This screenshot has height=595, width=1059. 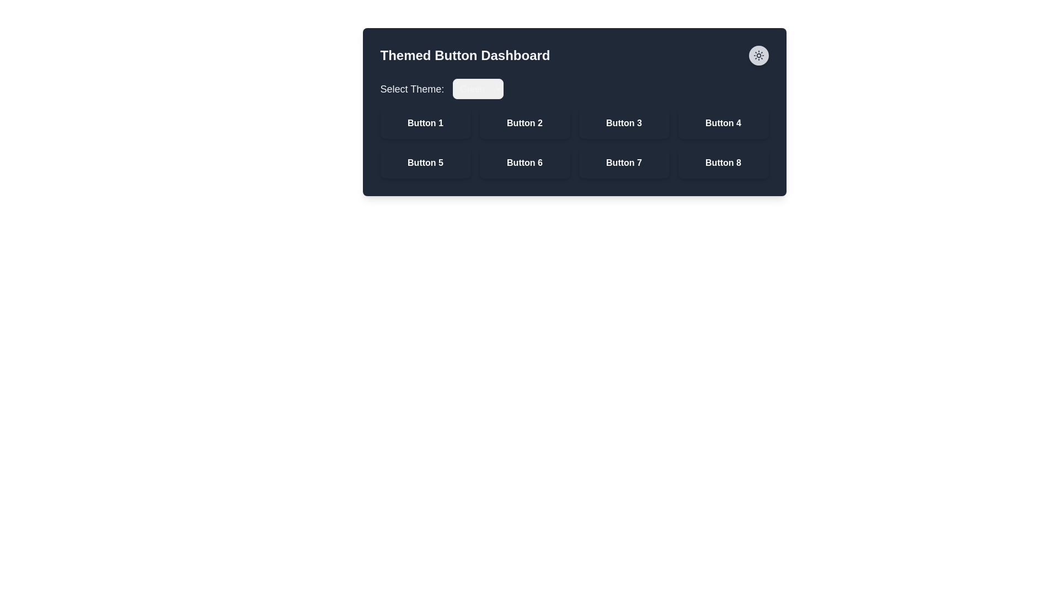 What do you see at coordinates (723, 123) in the screenshot?
I see `the green button labeled 'Button 4' to activate its hover effects` at bounding box center [723, 123].